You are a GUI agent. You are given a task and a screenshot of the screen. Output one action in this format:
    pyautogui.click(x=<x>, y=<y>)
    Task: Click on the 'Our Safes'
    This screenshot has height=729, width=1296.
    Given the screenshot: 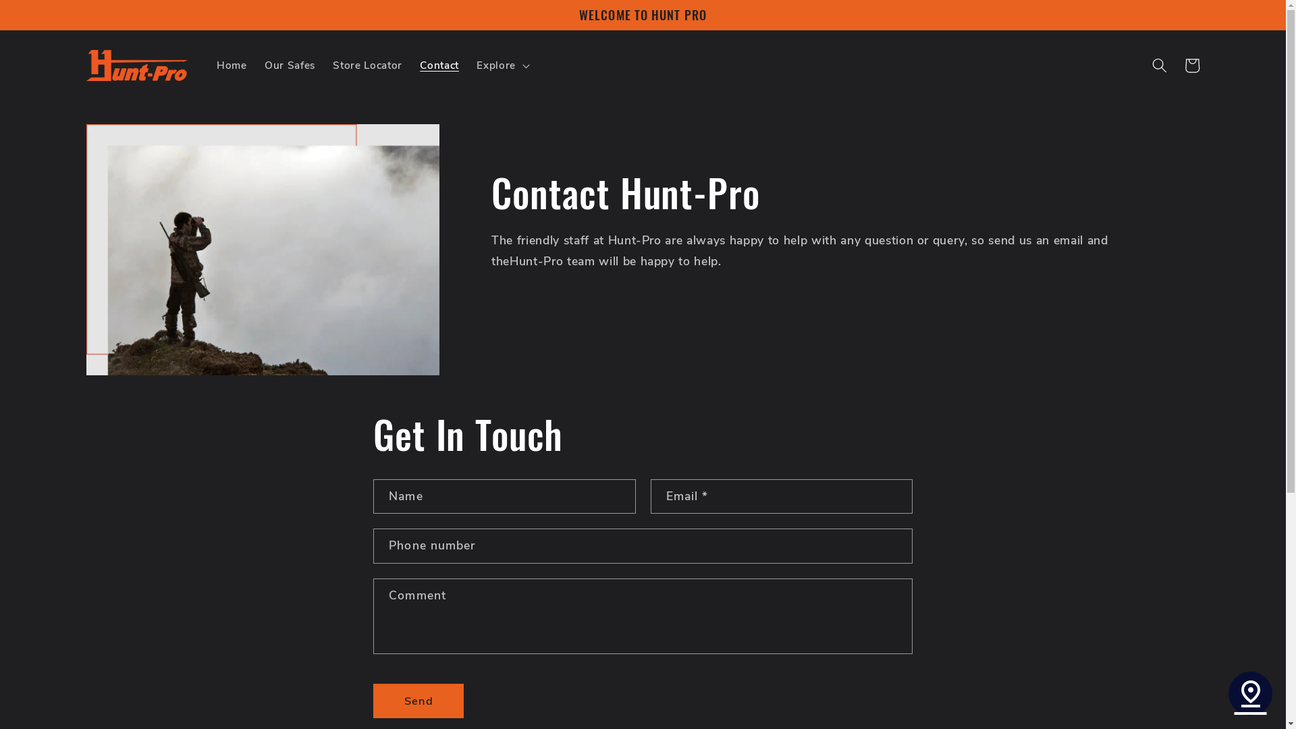 What is the action you would take?
    pyautogui.click(x=289, y=65)
    